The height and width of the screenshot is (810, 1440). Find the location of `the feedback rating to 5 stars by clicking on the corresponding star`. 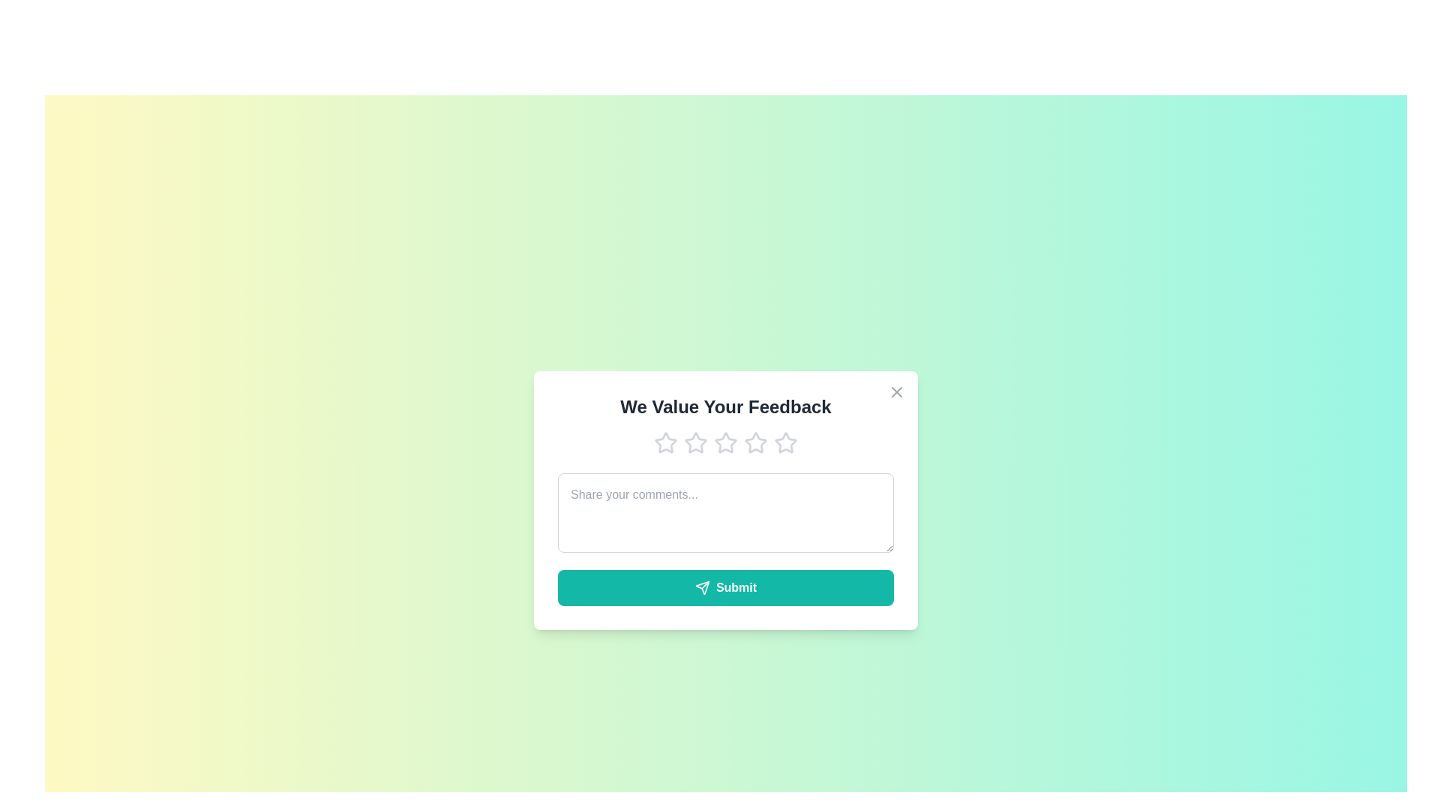

the feedback rating to 5 stars by clicking on the corresponding star is located at coordinates (784, 442).